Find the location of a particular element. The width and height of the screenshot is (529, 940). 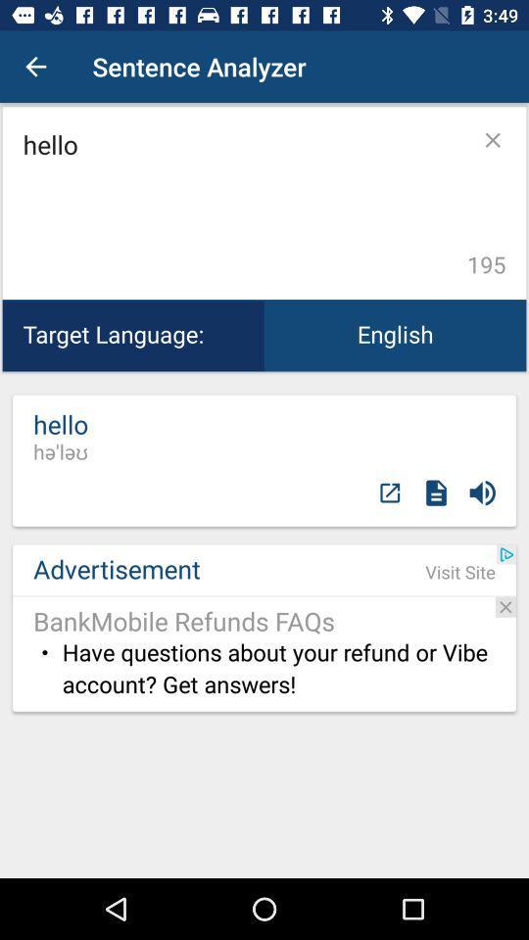

icon next to the sentence analyzer icon is located at coordinates (35, 67).